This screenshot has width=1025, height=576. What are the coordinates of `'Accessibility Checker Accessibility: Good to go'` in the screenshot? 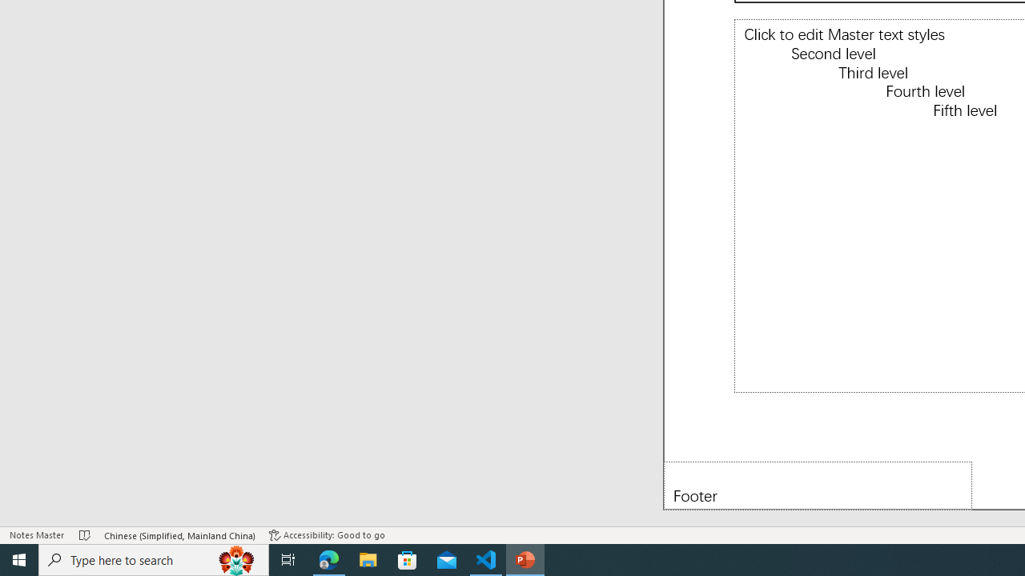 It's located at (326, 535).